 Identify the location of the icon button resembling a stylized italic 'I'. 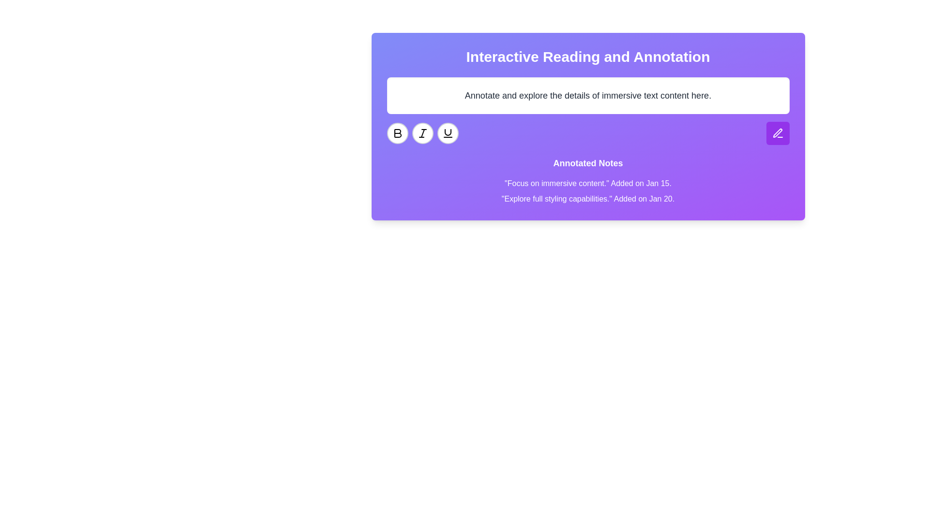
(422, 133).